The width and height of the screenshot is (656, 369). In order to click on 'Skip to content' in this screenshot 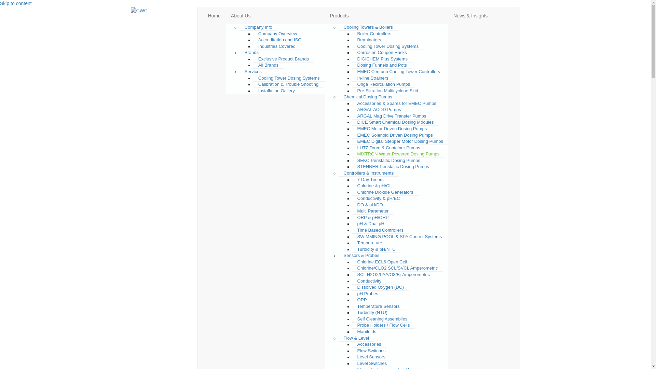, I will do `click(0, 3)`.